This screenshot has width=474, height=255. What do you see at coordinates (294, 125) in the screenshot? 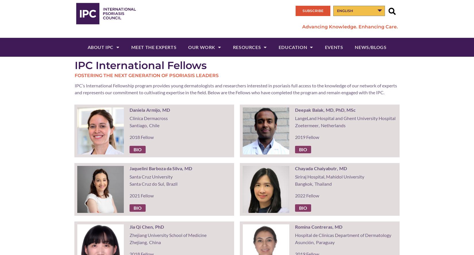
I see `'Zoetermeer'` at bounding box center [294, 125].